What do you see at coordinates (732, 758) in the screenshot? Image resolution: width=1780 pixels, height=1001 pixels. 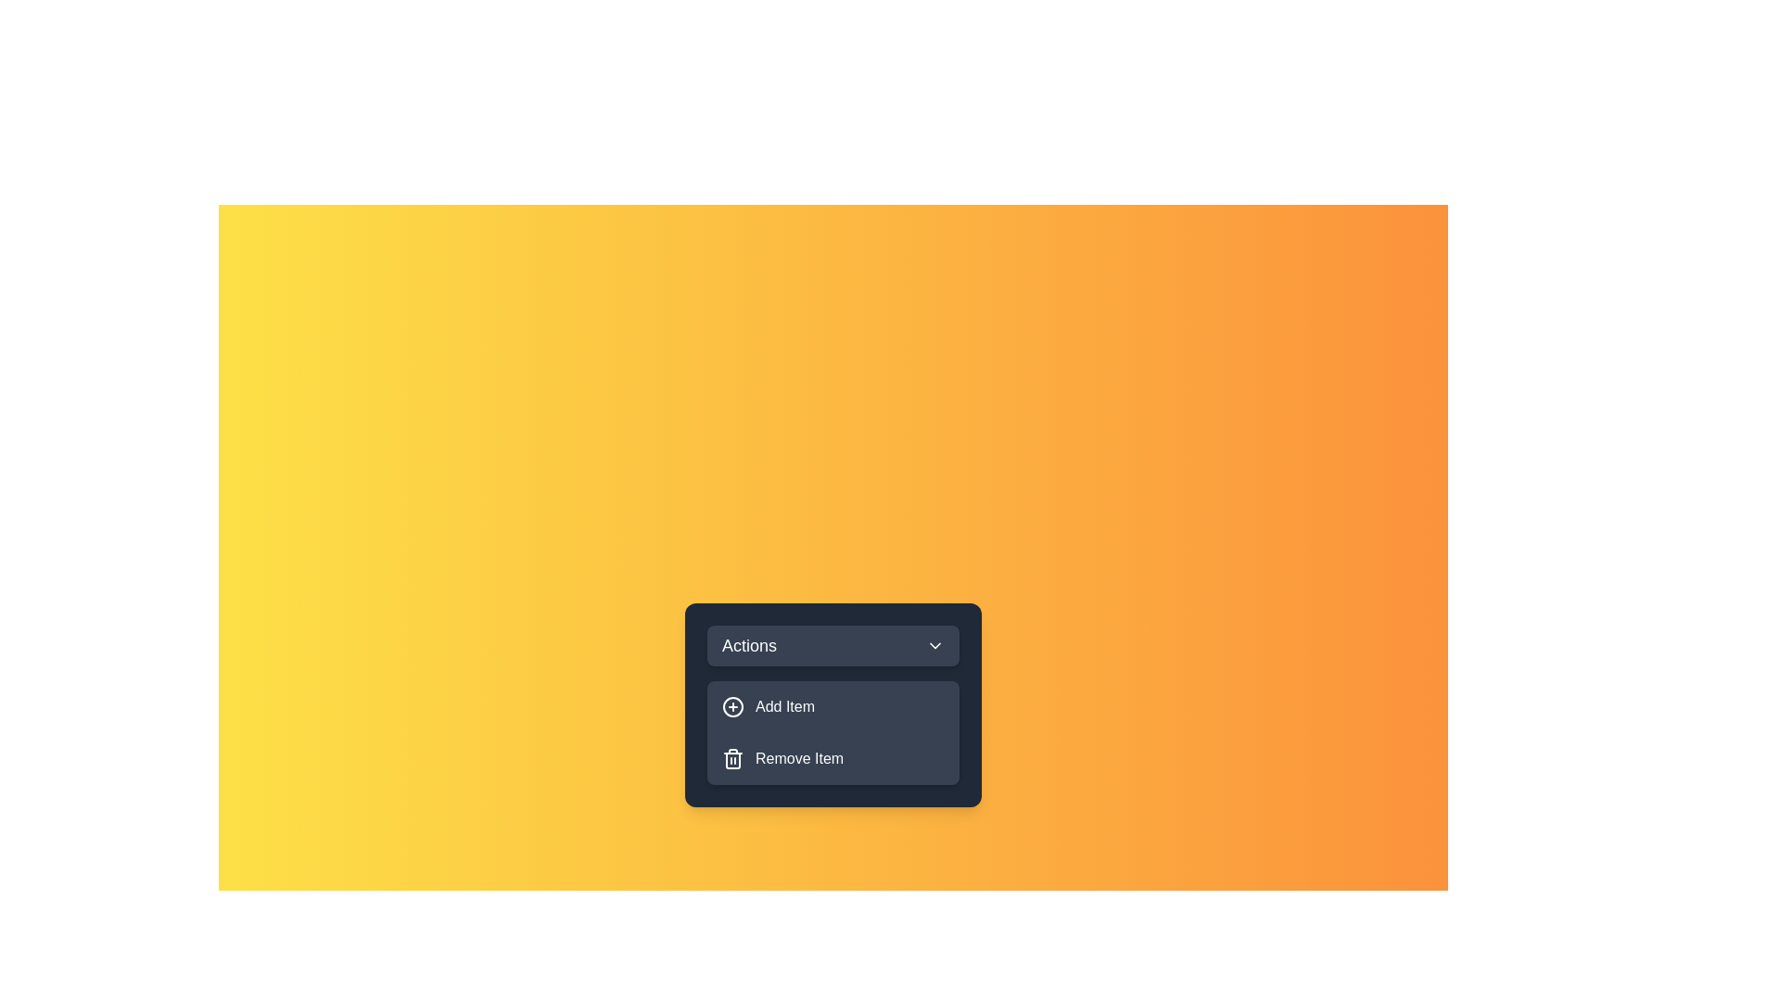 I see `the icon next to the menu item Remove Item` at bounding box center [732, 758].